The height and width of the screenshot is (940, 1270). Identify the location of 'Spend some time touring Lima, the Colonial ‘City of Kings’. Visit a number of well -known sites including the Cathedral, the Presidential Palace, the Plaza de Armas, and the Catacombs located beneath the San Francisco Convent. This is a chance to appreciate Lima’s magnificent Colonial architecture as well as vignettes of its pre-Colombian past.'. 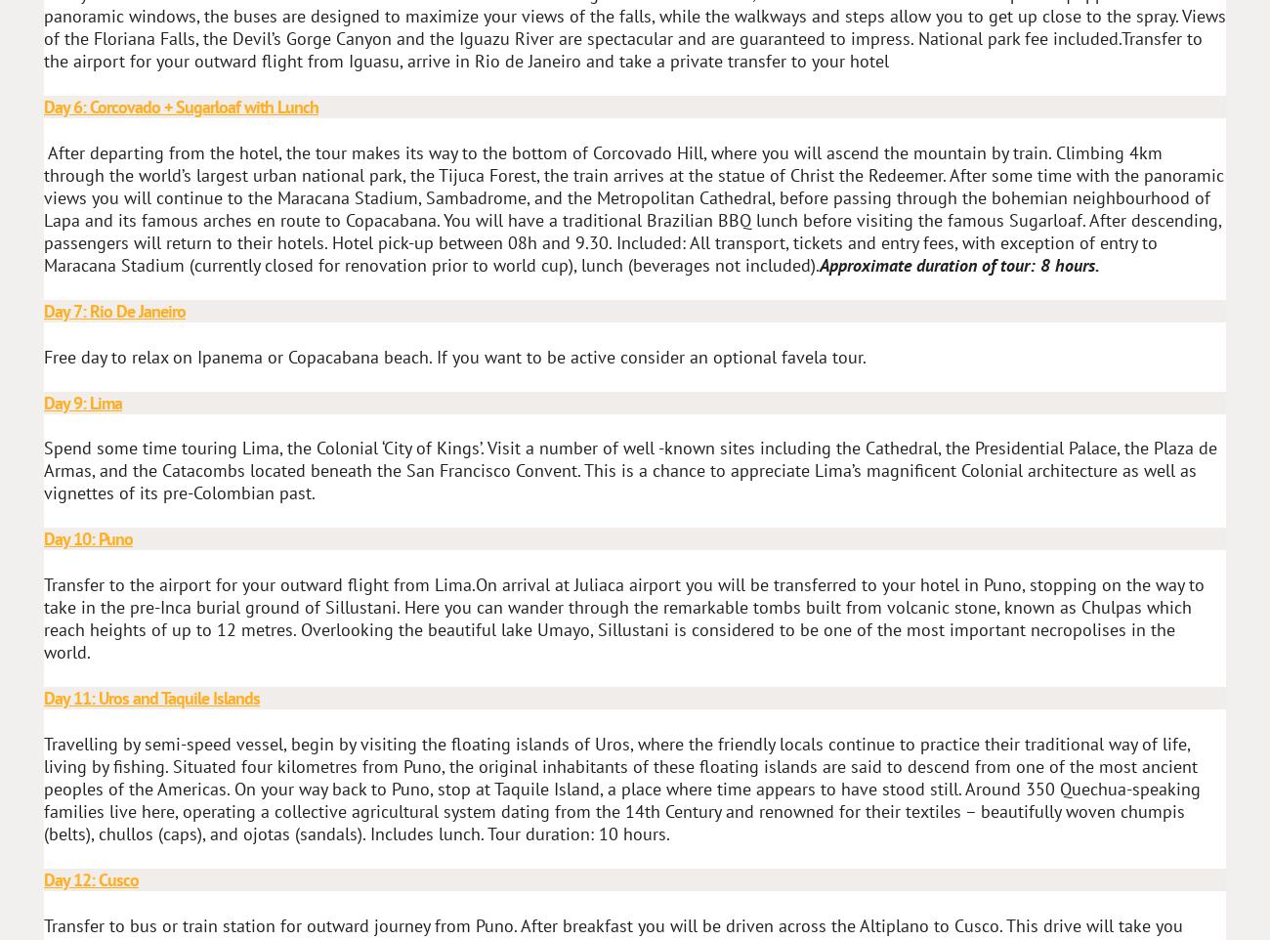
(630, 470).